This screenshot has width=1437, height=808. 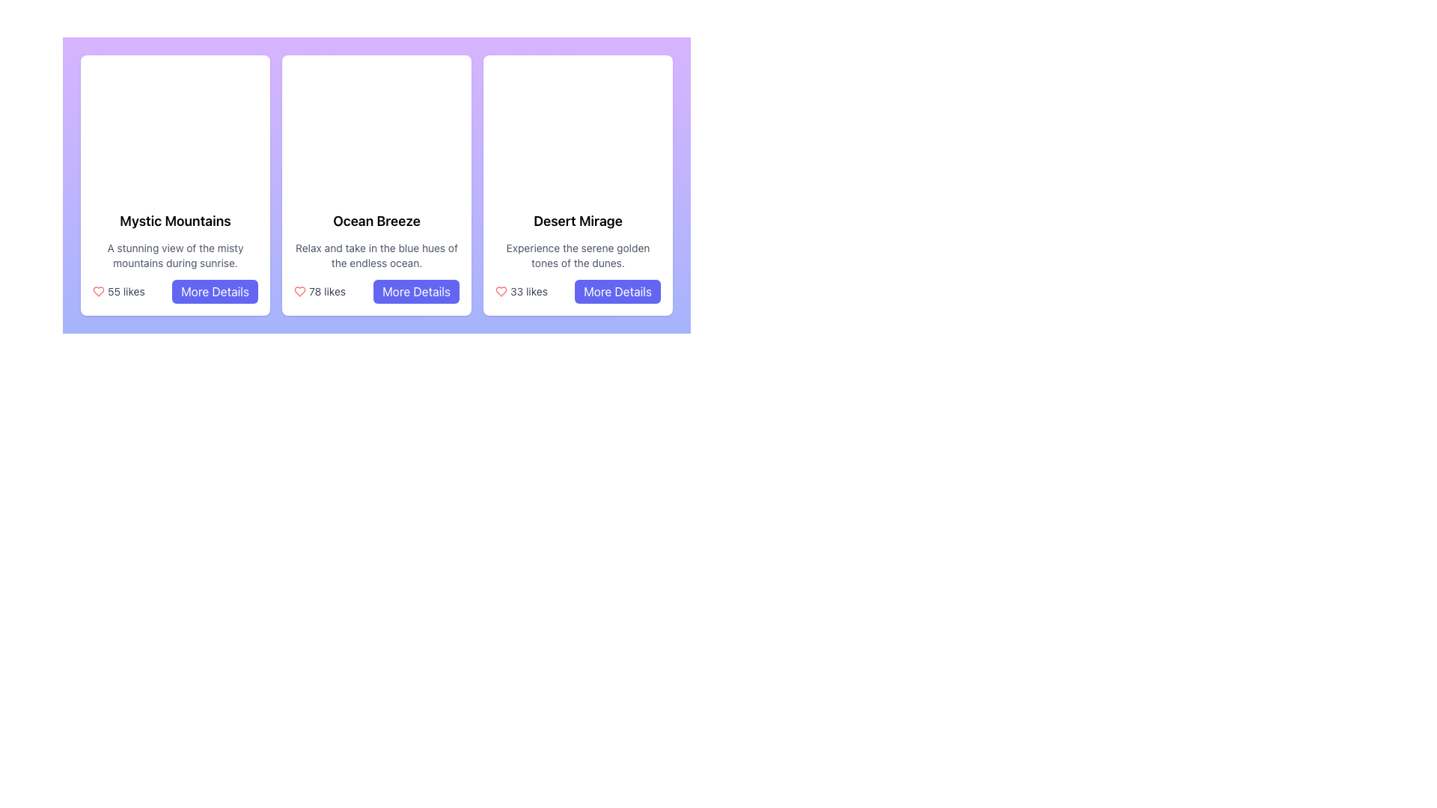 I want to click on the text label displaying 'Ocean Breeze', which serves as the title for the content block located at the top of the central block among three horizontally aligned content cards, so click(x=376, y=221).